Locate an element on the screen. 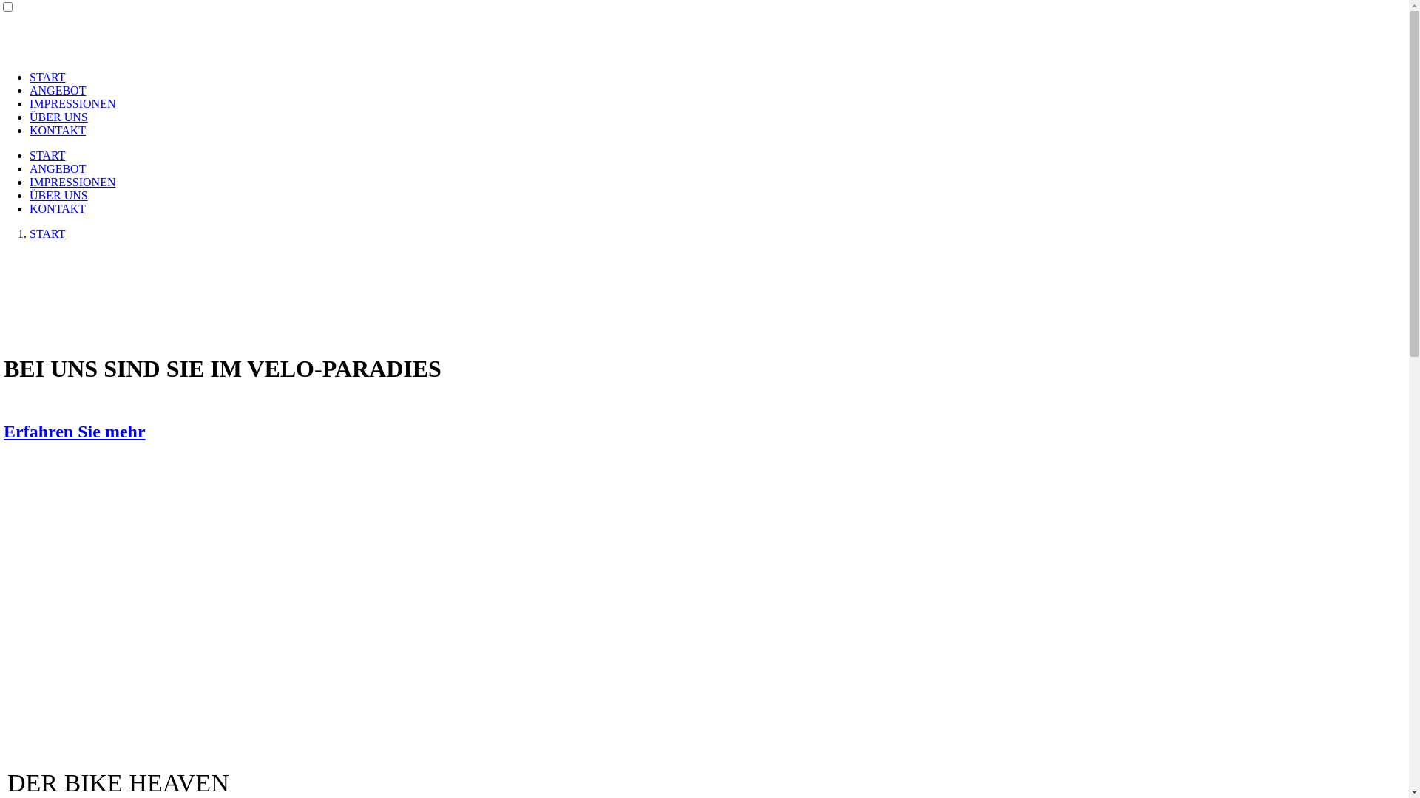 This screenshot has width=1420, height=798. 'IMPRESSIONEN' is located at coordinates (71, 181).